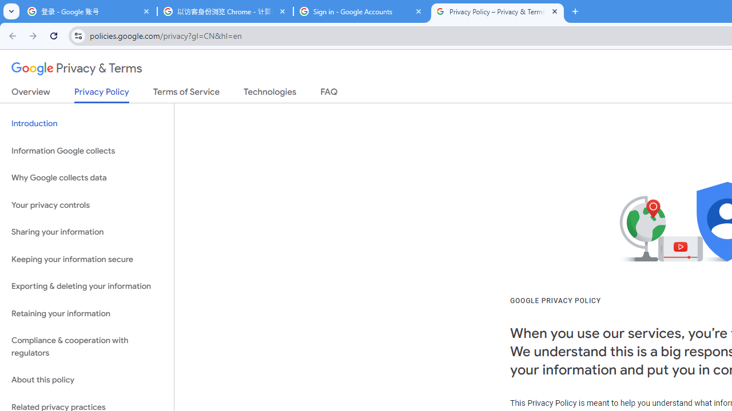 This screenshot has width=732, height=411. I want to click on 'Exporting & deleting your information', so click(86, 286).